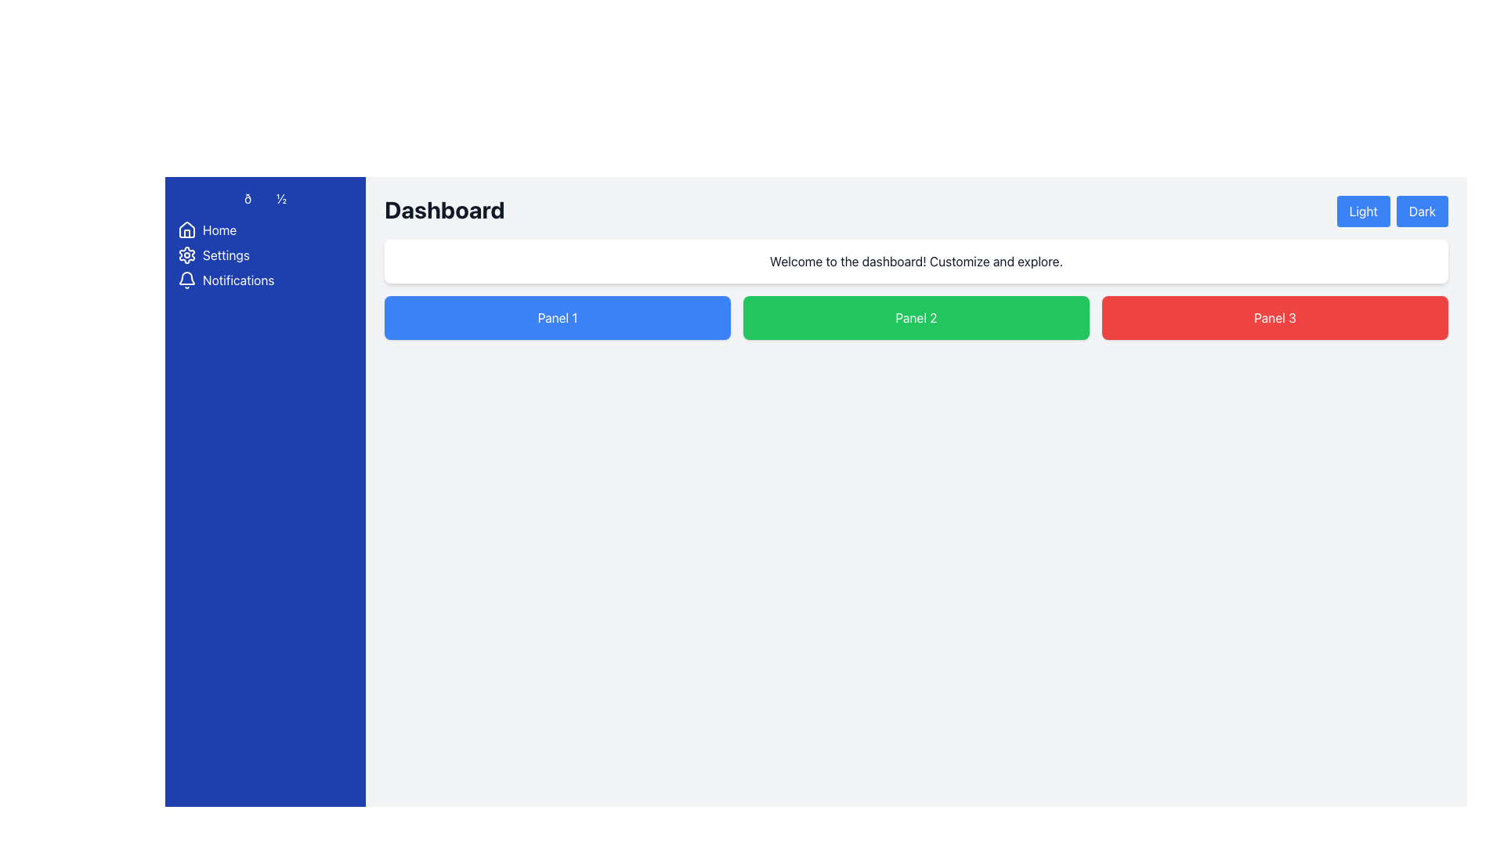  I want to click on the static informational text section that reads 'Welcome to the dashboard! Customize and explore.' which is located centrally below the title 'Dashboard', so click(916, 261).